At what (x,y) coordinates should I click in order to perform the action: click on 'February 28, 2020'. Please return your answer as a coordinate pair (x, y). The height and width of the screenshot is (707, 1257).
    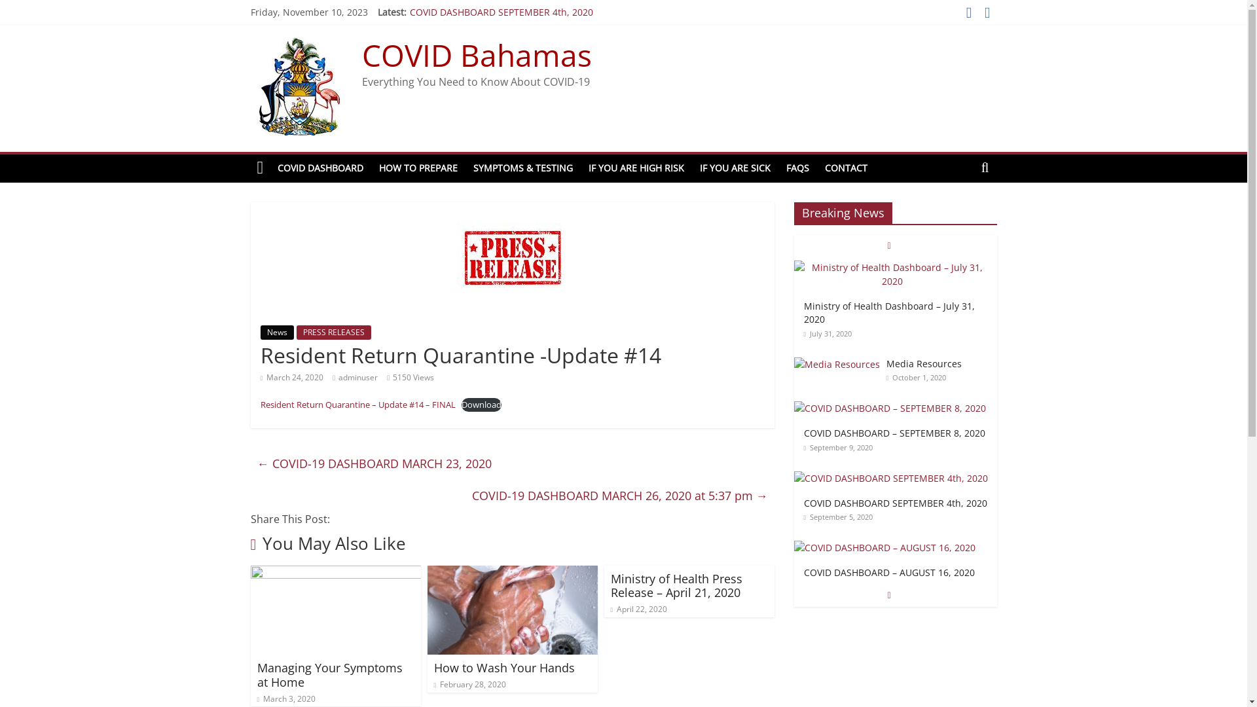
    Looking at the image, I should click on (469, 683).